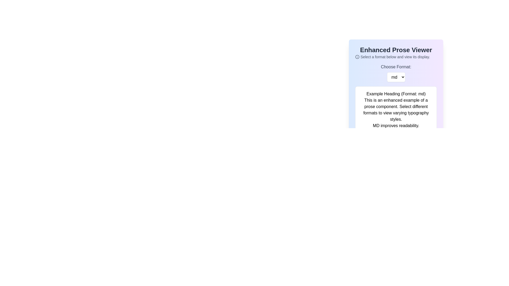 The height and width of the screenshot is (286, 509). I want to click on the small circular 'i' icon next to the informational text block stating 'Select a format below and view its display.', so click(396, 53).